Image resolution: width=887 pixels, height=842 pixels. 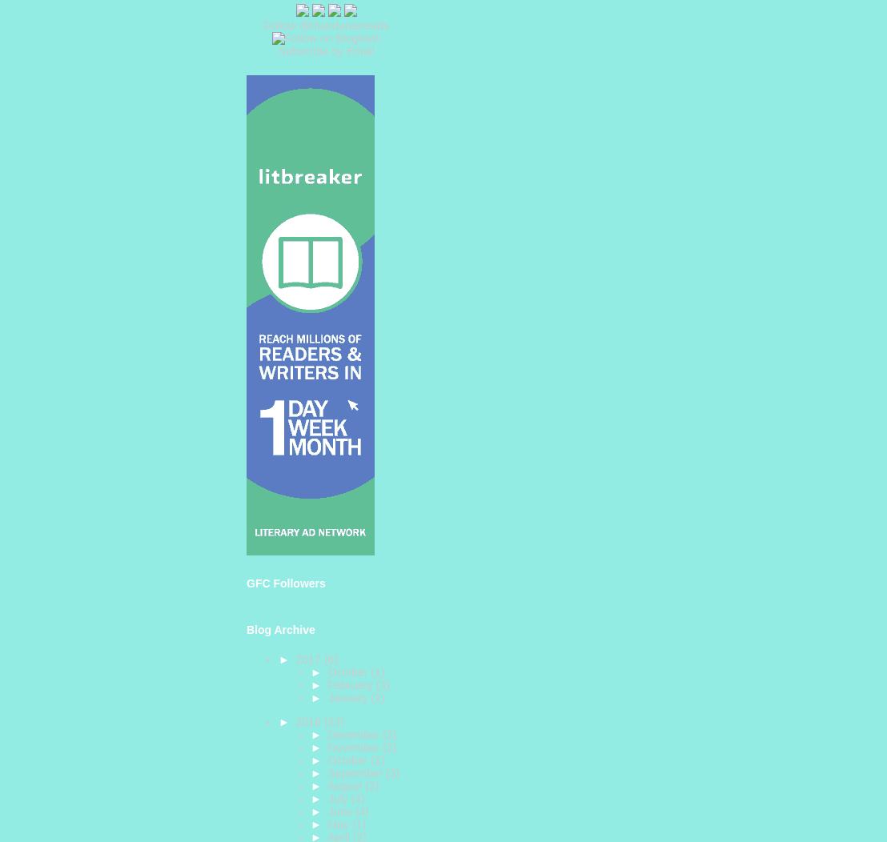 I want to click on '2017', so click(x=309, y=658).